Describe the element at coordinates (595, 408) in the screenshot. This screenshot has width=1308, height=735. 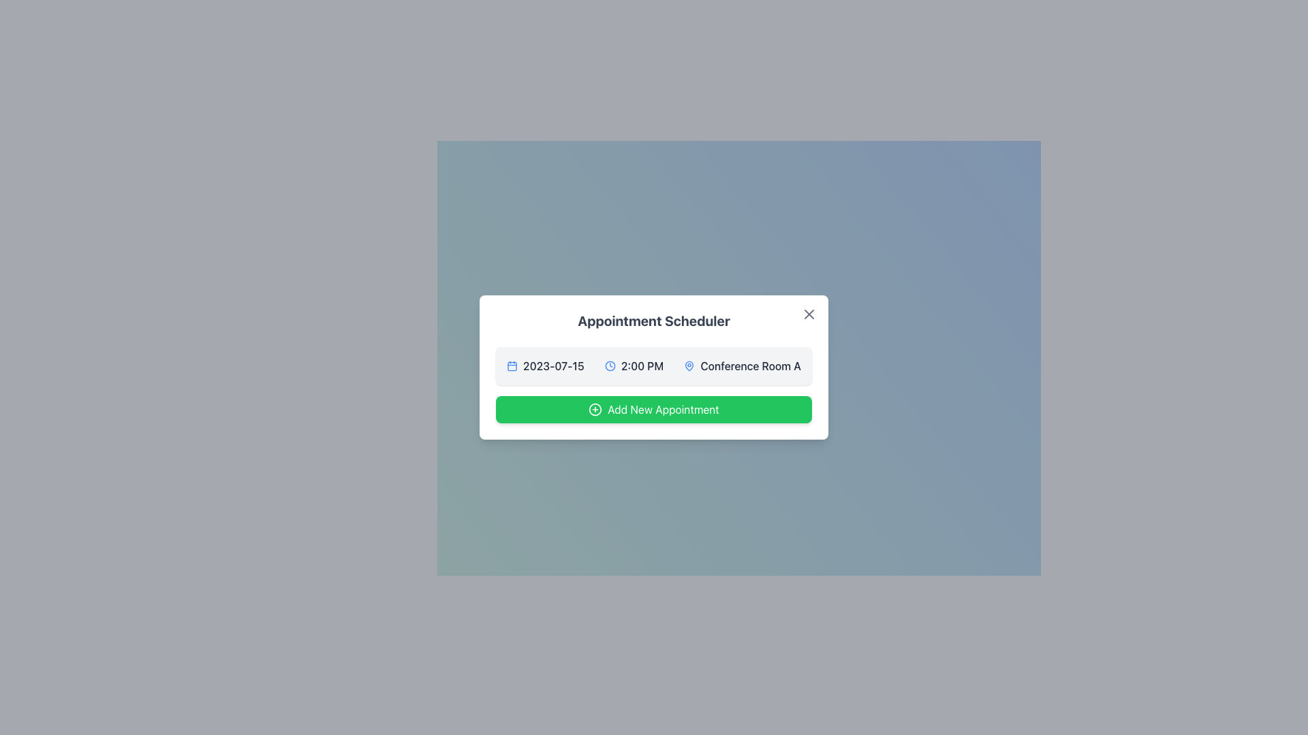
I see `the circular icon with a plus sign in the center, which is styled with a green stroke and located inside the 'Add New Appointment' button at the bottom of the modal dialog box` at that location.